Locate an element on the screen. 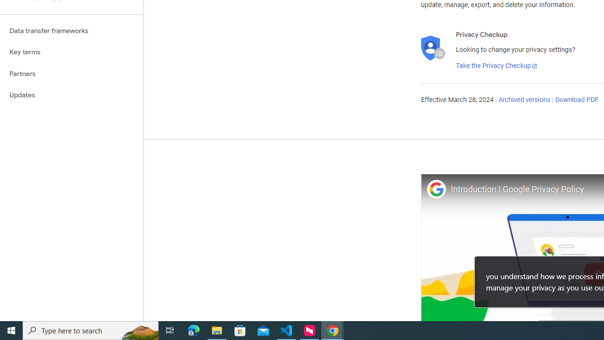  'Photo image of Google' is located at coordinates (436, 189).